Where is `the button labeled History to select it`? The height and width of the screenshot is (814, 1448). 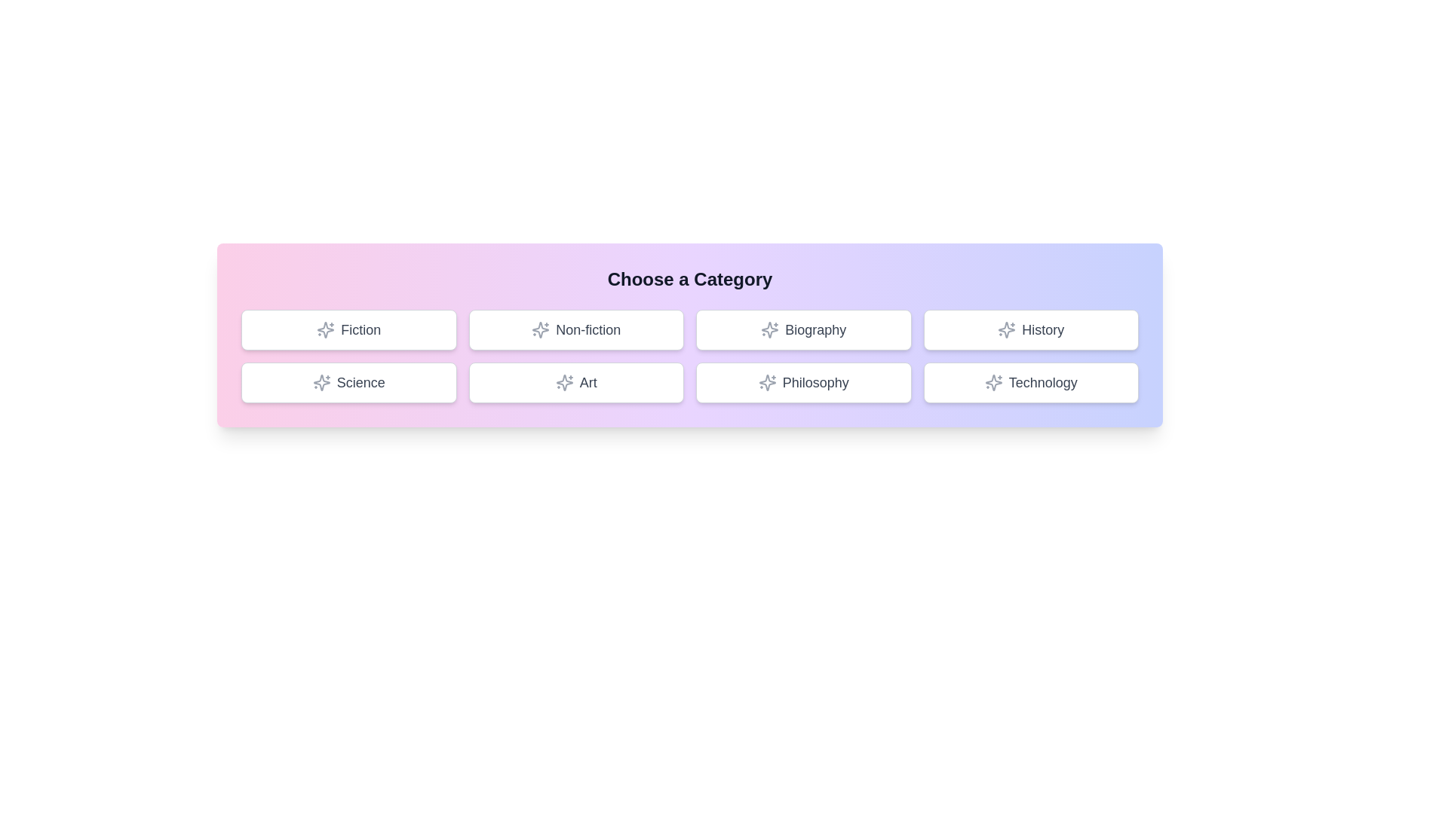 the button labeled History to select it is located at coordinates (1030, 329).